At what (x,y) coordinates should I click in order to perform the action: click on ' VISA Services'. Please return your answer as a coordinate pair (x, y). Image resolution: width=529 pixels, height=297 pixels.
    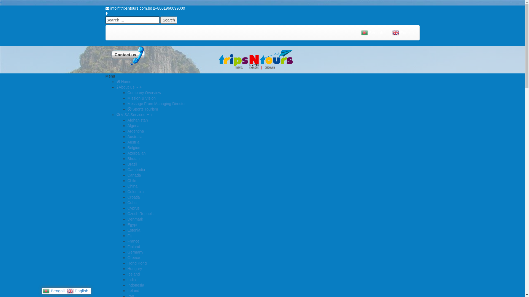
    Looking at the image, I should click on (116, 114).